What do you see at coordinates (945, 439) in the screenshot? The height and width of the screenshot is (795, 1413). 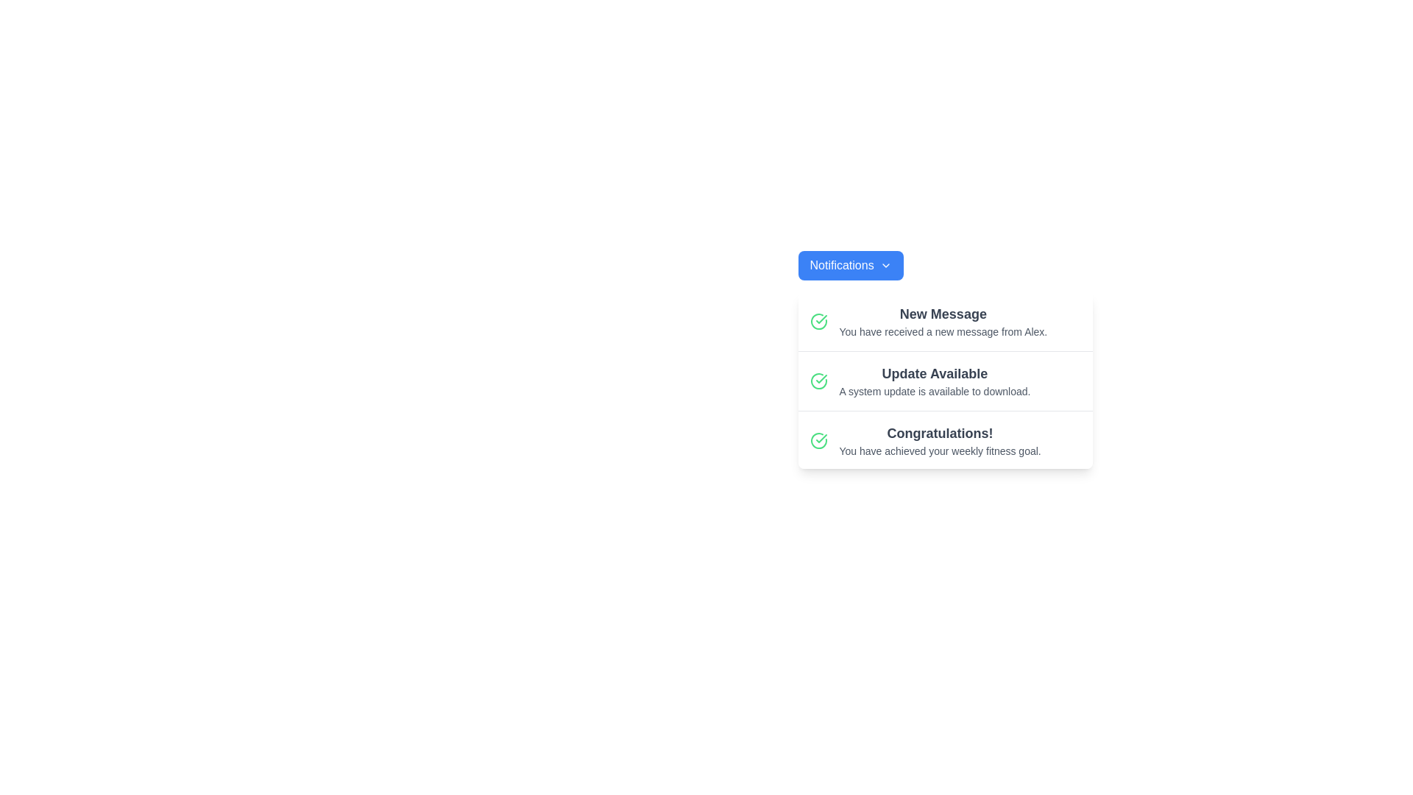 I see `congratulatory notification that displays 'Congratulations!' followed by 'You have achieved your weekly fitness goal.' located in the third position of the notification list` at bounding box center [945, 439].